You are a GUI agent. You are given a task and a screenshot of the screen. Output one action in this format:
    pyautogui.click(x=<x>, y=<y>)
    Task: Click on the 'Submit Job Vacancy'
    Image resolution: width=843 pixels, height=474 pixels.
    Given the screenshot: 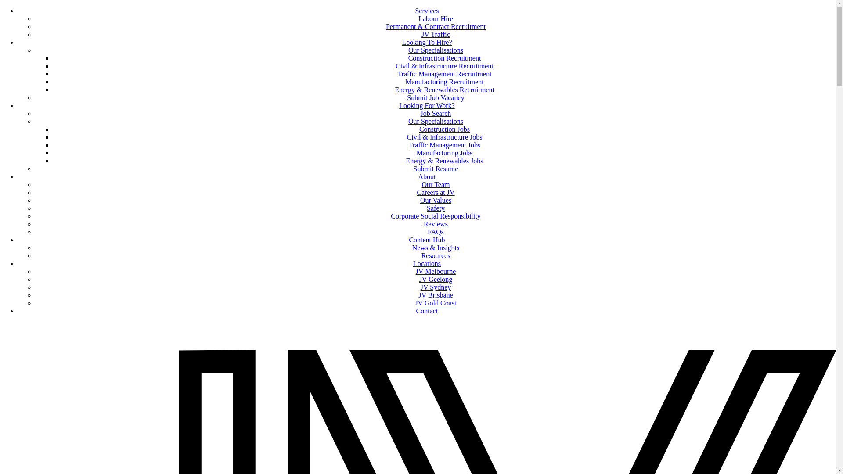 What is the action you would take?
    pyautogui.click(x=436, y=97)
    